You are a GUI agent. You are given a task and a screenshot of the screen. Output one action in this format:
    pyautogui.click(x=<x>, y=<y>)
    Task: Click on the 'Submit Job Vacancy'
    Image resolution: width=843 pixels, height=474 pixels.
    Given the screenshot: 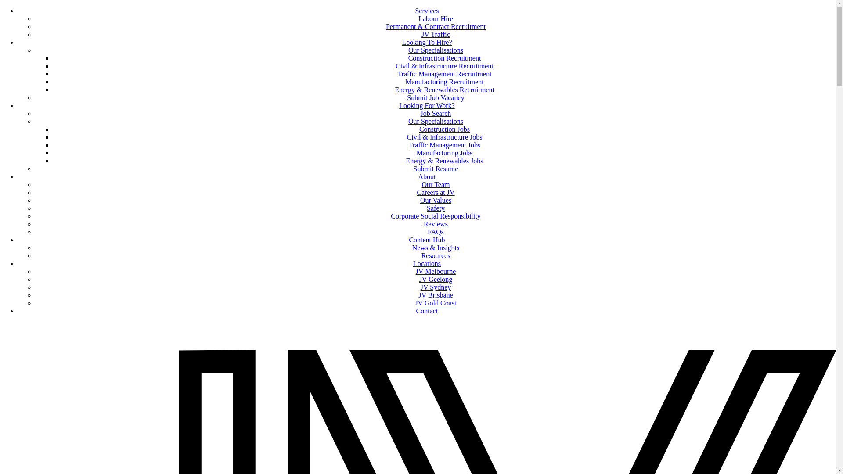 What is the action you would take?
    pyautogui.click(x=436, y=97)
    